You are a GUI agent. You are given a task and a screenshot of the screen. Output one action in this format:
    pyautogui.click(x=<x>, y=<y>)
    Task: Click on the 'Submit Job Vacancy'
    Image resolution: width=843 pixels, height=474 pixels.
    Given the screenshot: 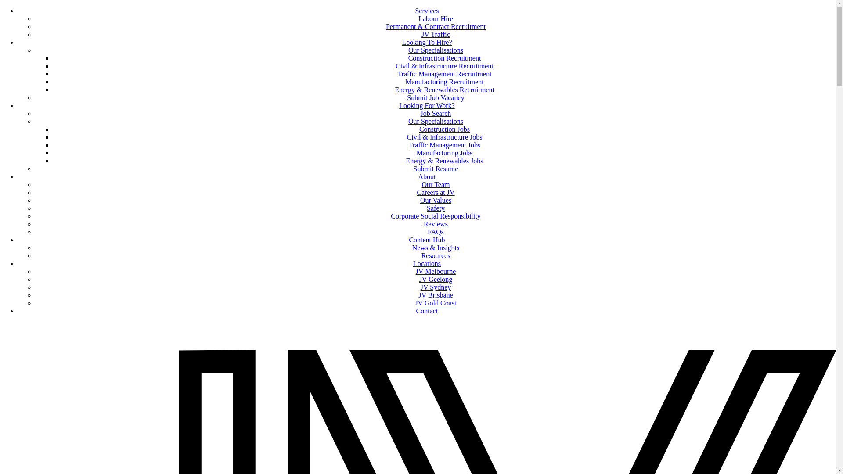 What is the action you would take?
    pyautogui.click(x=436, y=97)
    